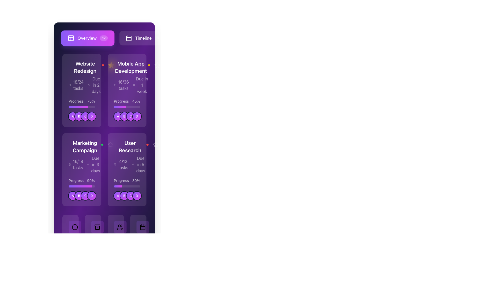  Describe the element at coordinates (123, 85) in the screenshot. I see `text label displaying '16/36 tasks' in white on a purple background, located in the 'Mobile App Development' card on the second column of the first row in the displayed grid` at that location.